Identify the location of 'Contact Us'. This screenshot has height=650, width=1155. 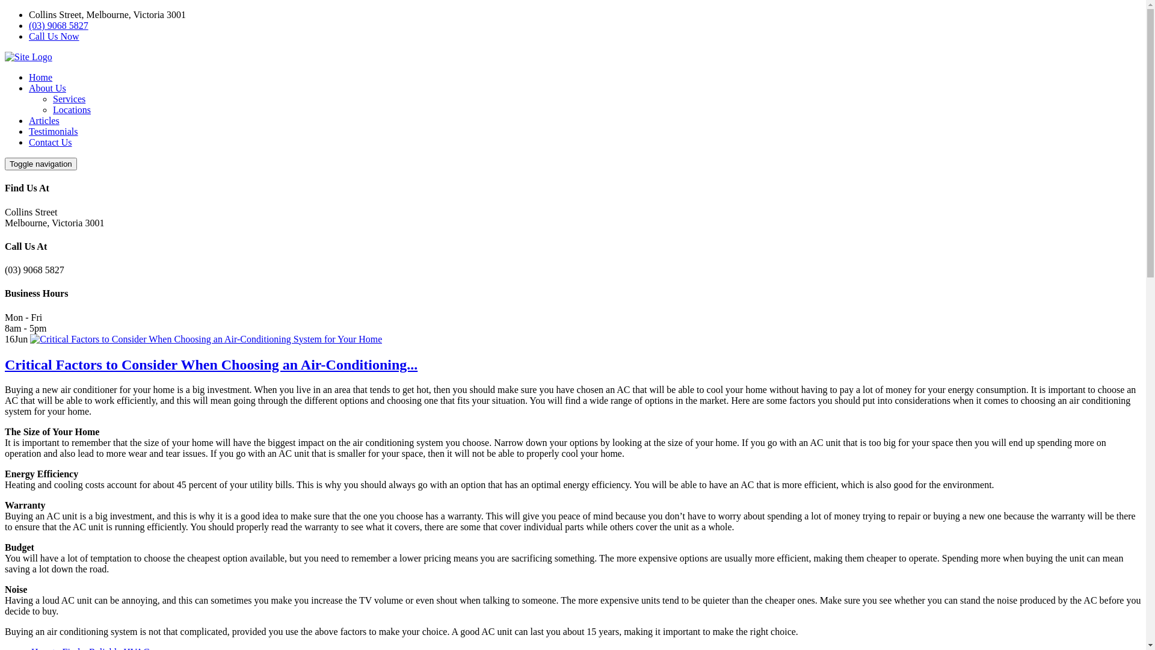
(49, 141).